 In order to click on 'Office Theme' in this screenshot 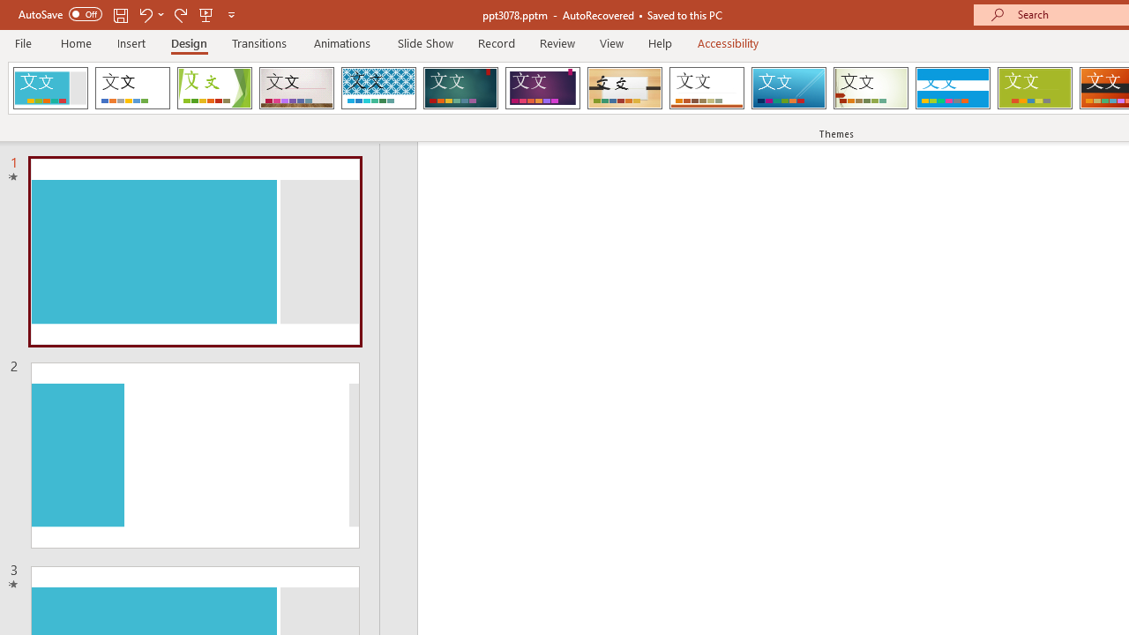, I will do `click(131, 88)`.